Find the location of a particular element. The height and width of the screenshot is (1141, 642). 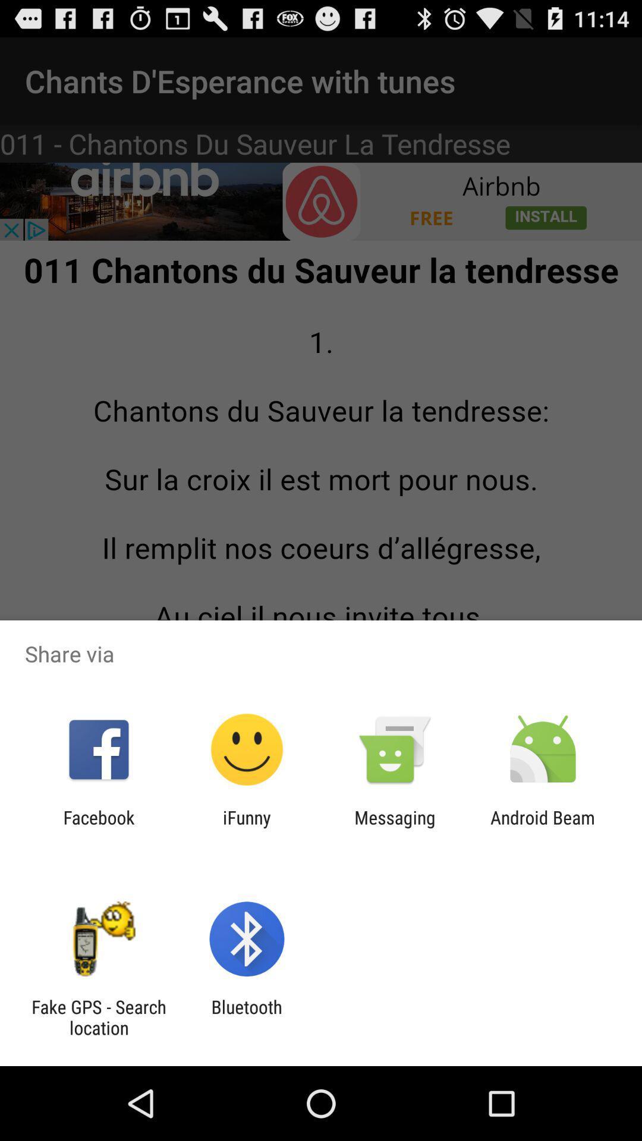

the icon to the right of messaging item is located at coordinates (543, 827).